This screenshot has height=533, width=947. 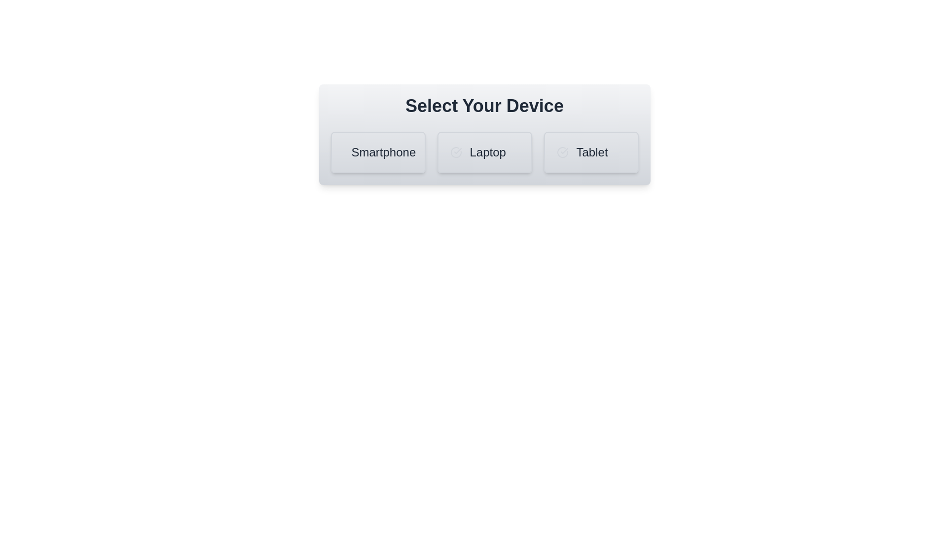 What do you see at coordinates (484, 135) in the screenshot?
I see `'Laptop' radio button located below the title 'Select Your Device', which is the second button in a horizontal layout of three buttons, positioned between the 'Smartphone' and 'Tablet' buttons` at bounding box center [484, 135].